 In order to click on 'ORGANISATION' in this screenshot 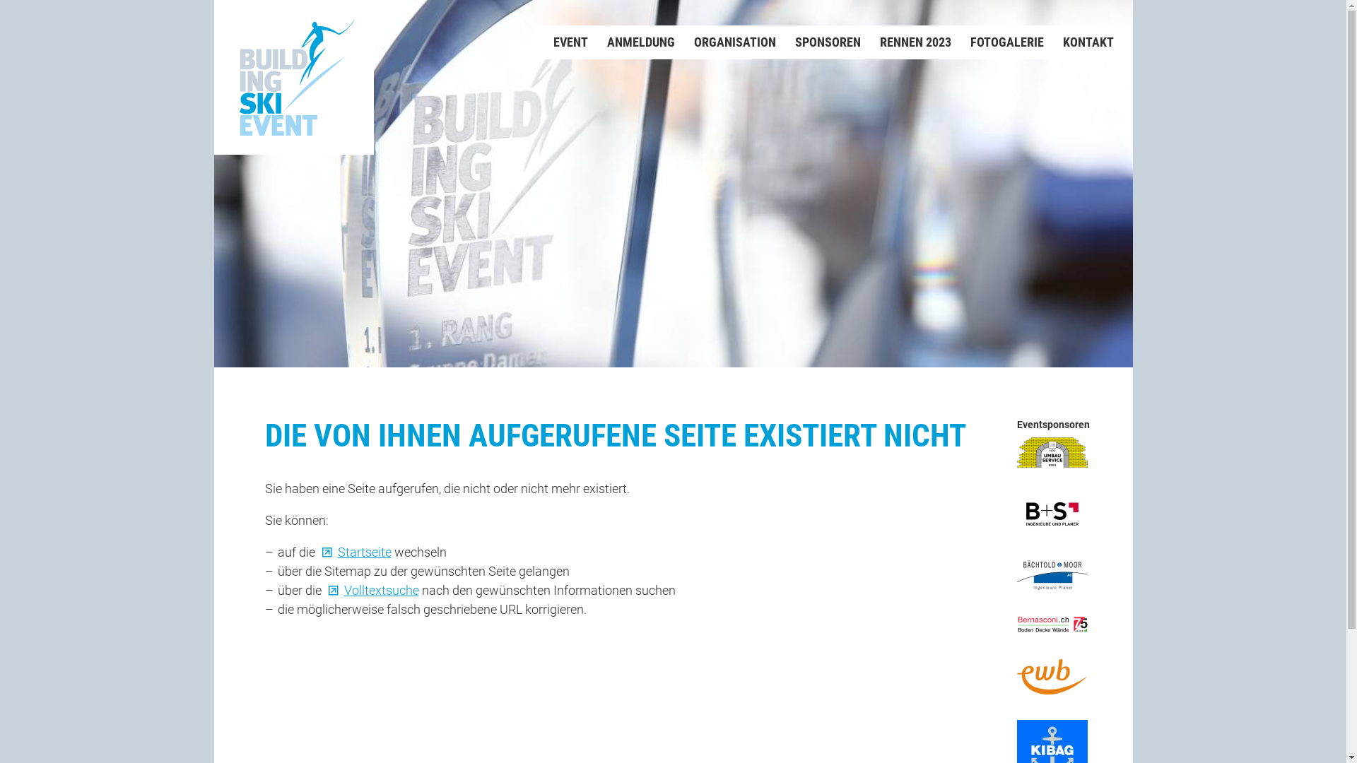, I will do `click(724, 42)`.